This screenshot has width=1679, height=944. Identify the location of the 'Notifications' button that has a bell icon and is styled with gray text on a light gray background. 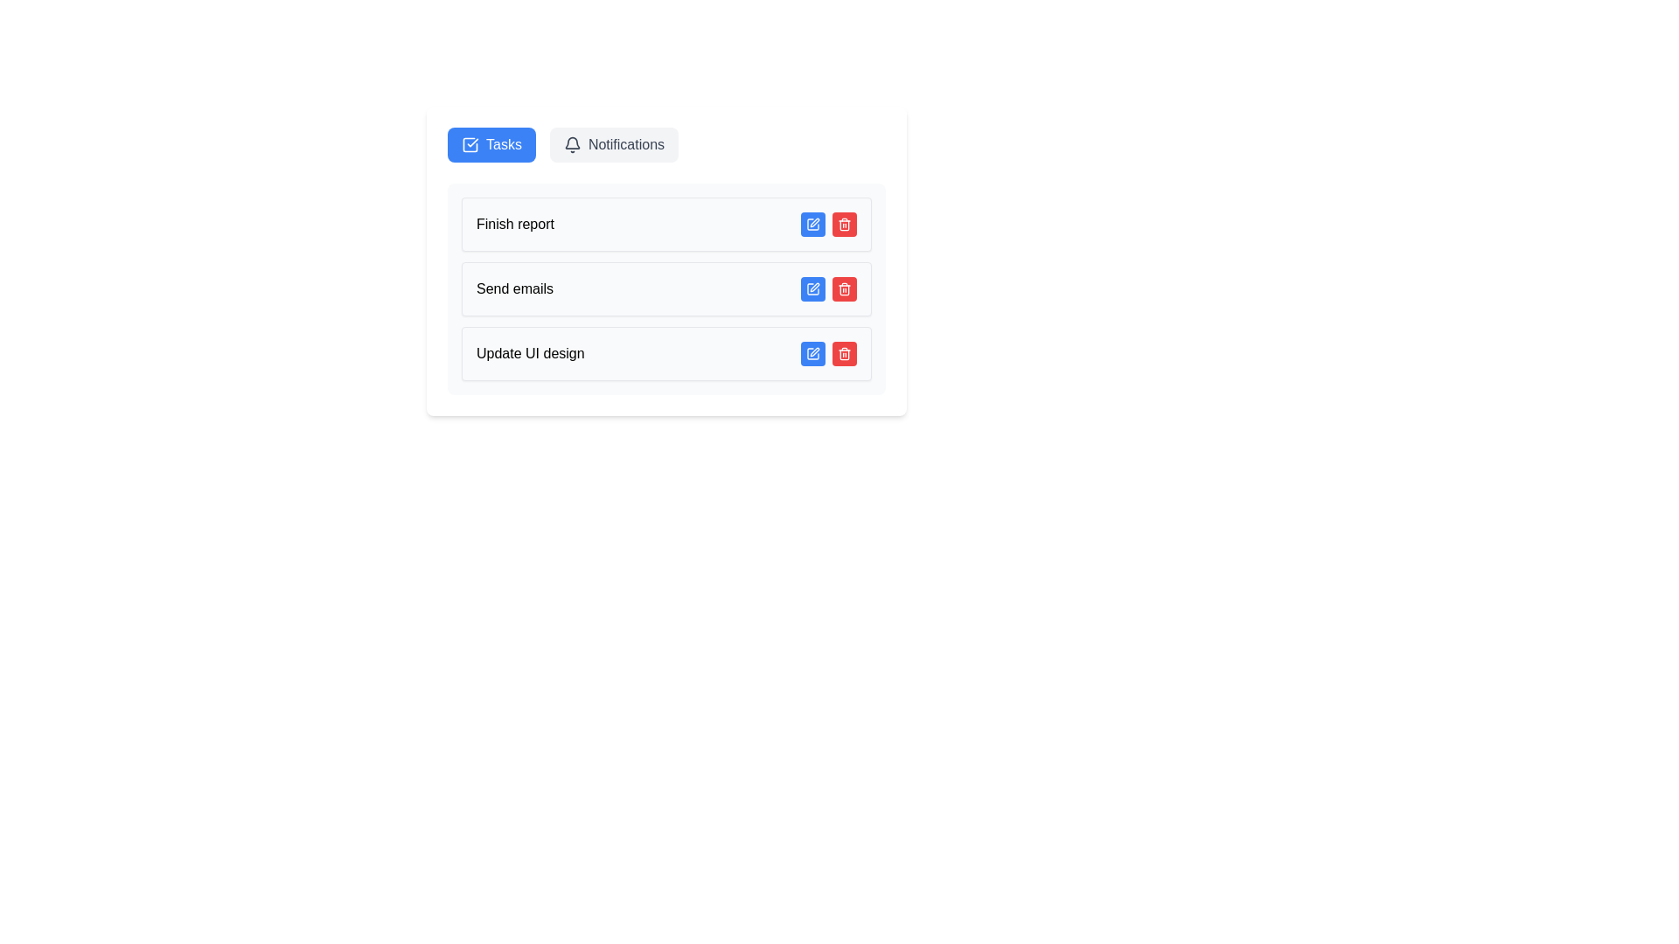
(614, 143).